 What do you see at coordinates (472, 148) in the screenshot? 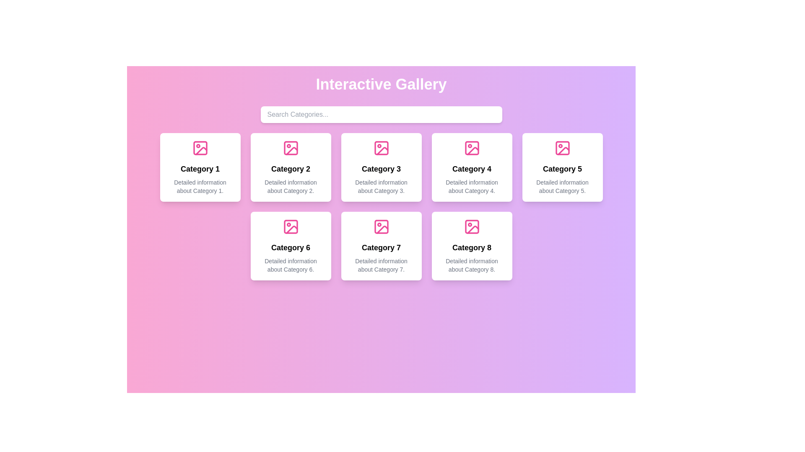
I see `the pink square icon with rounded corners located in the fourth category card of the grid layout titled 'Category 4'` at bounding box center [472, 148].